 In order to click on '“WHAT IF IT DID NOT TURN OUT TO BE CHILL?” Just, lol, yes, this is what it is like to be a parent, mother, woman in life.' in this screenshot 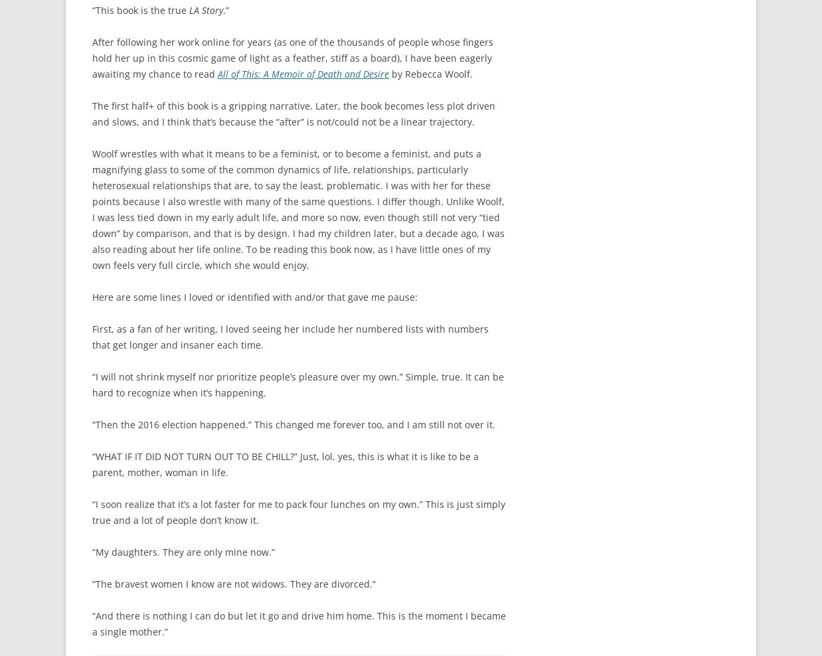, I will do `click(284, 464)`.